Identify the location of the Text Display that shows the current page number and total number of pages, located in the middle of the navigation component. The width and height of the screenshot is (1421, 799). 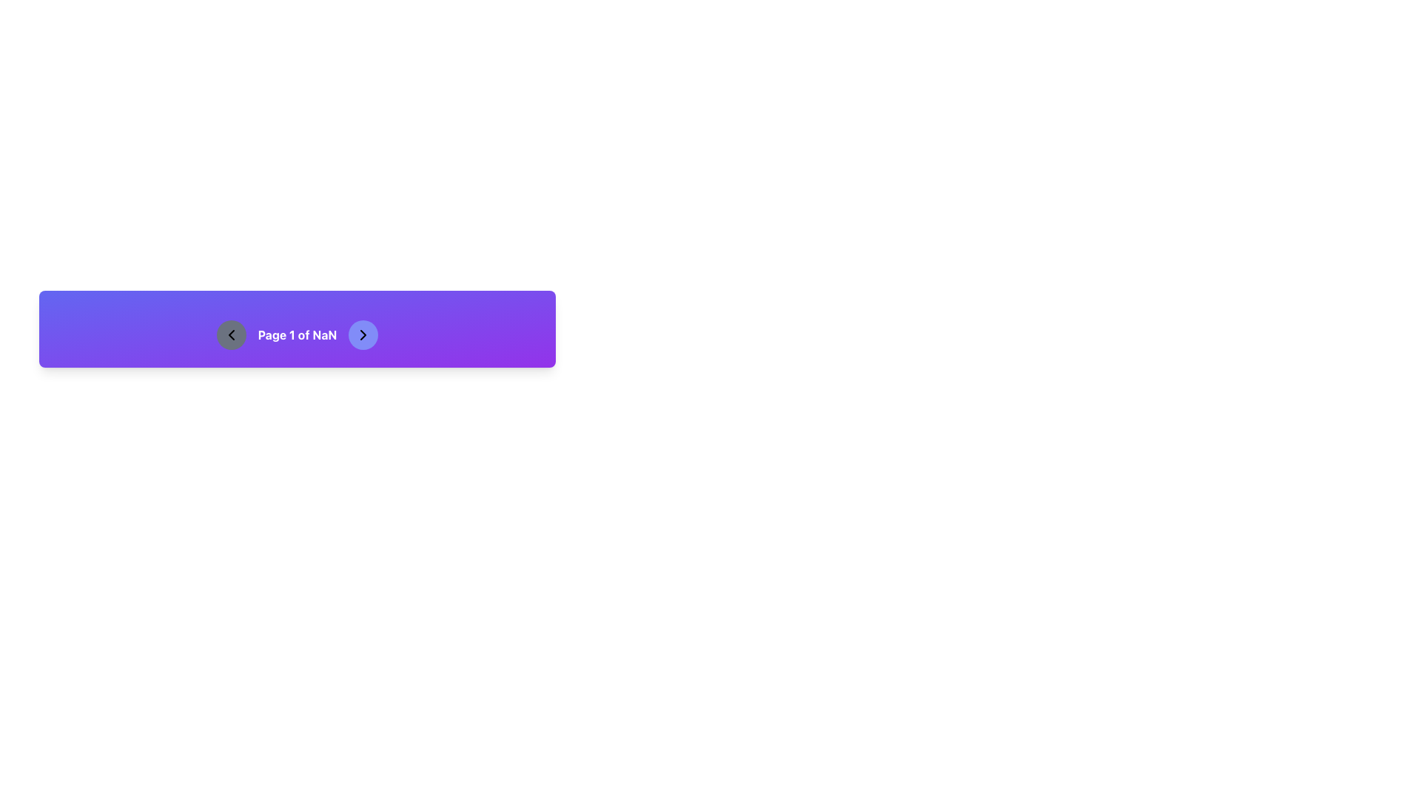
(297, 334).